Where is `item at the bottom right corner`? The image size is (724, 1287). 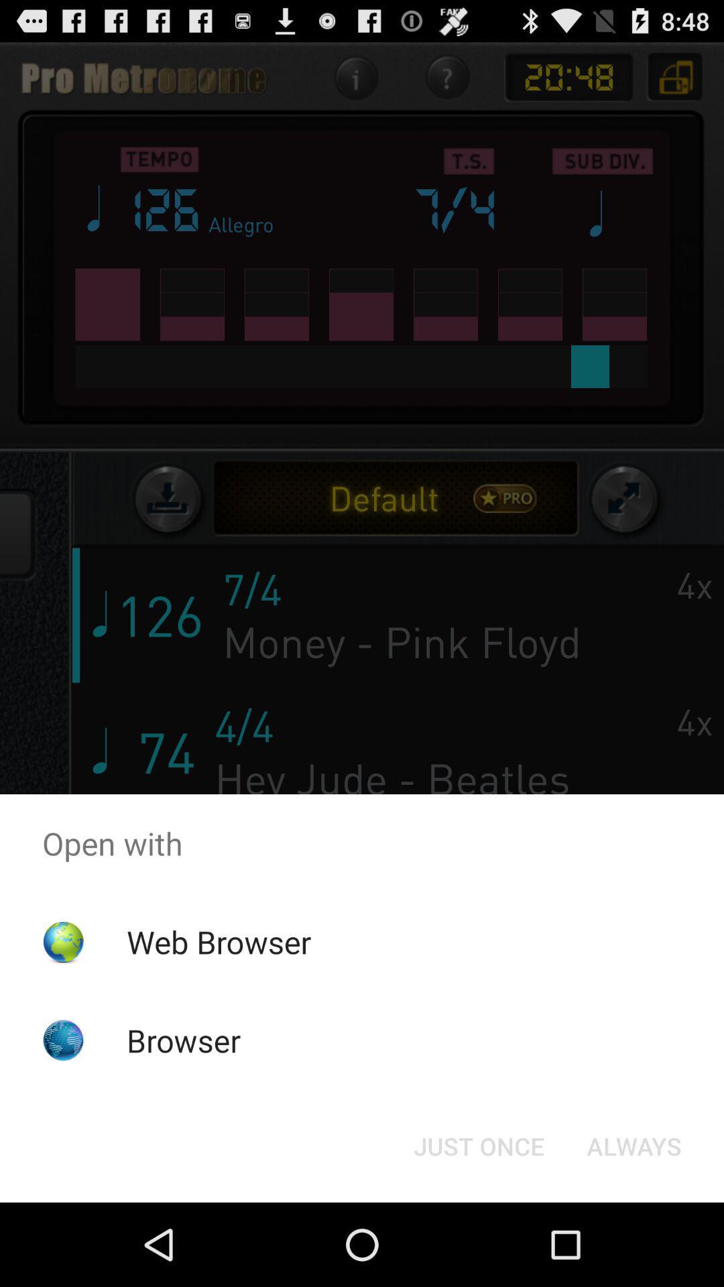
item at the bottom right corner is located at coordinates (633, 1145).